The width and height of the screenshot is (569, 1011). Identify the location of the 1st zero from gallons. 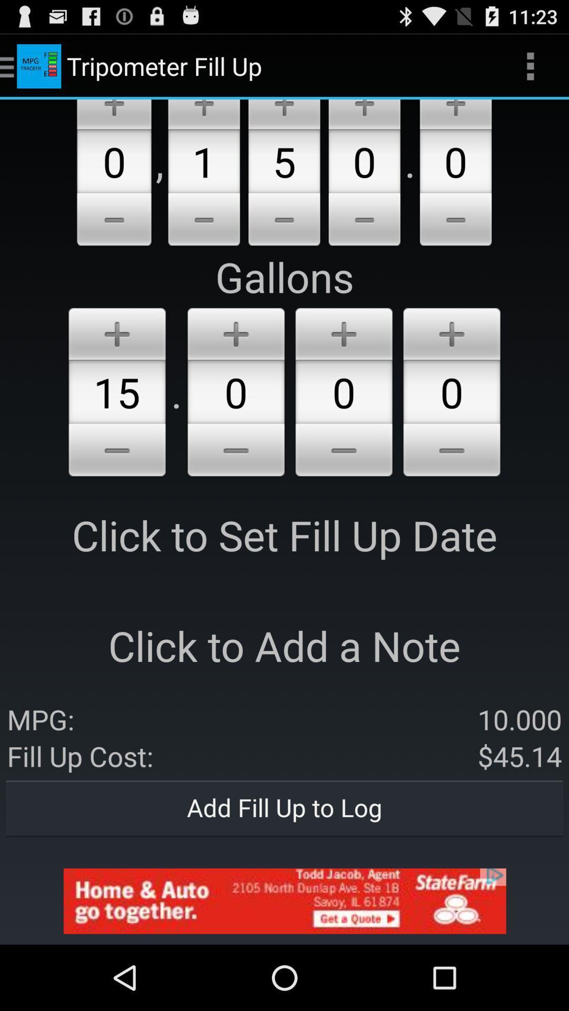
(236, 391).